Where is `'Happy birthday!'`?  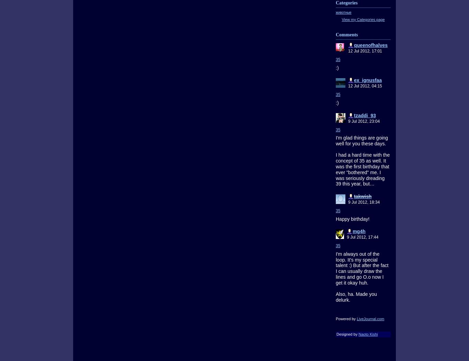 'Happy birthday!' is located at coordinates (352, 218).